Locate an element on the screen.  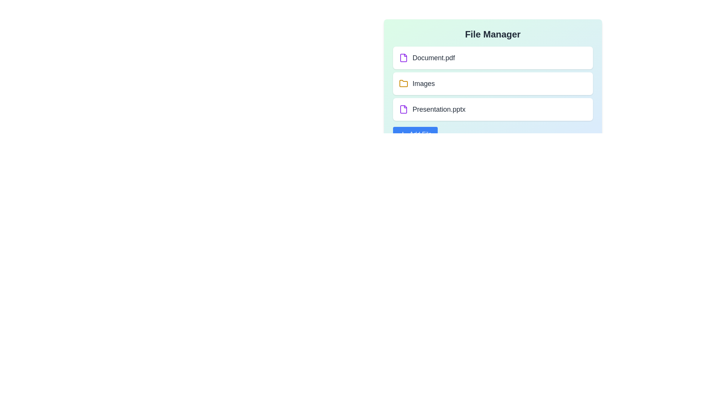
the 'Add File' button to add a new file is located at coordinates (415, 134).